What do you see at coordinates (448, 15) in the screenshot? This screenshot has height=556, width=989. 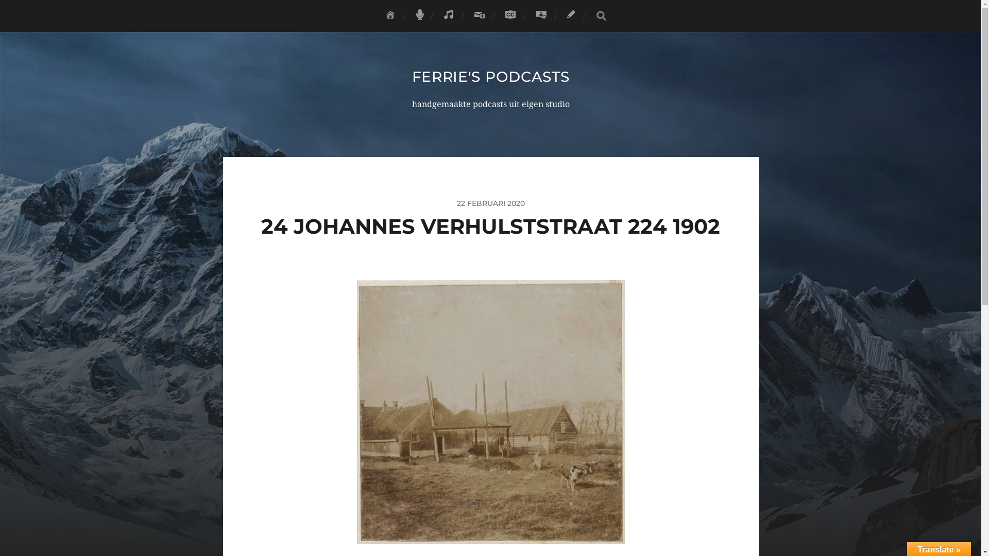 I see `'FAC'` at bounding box center [448, 15].